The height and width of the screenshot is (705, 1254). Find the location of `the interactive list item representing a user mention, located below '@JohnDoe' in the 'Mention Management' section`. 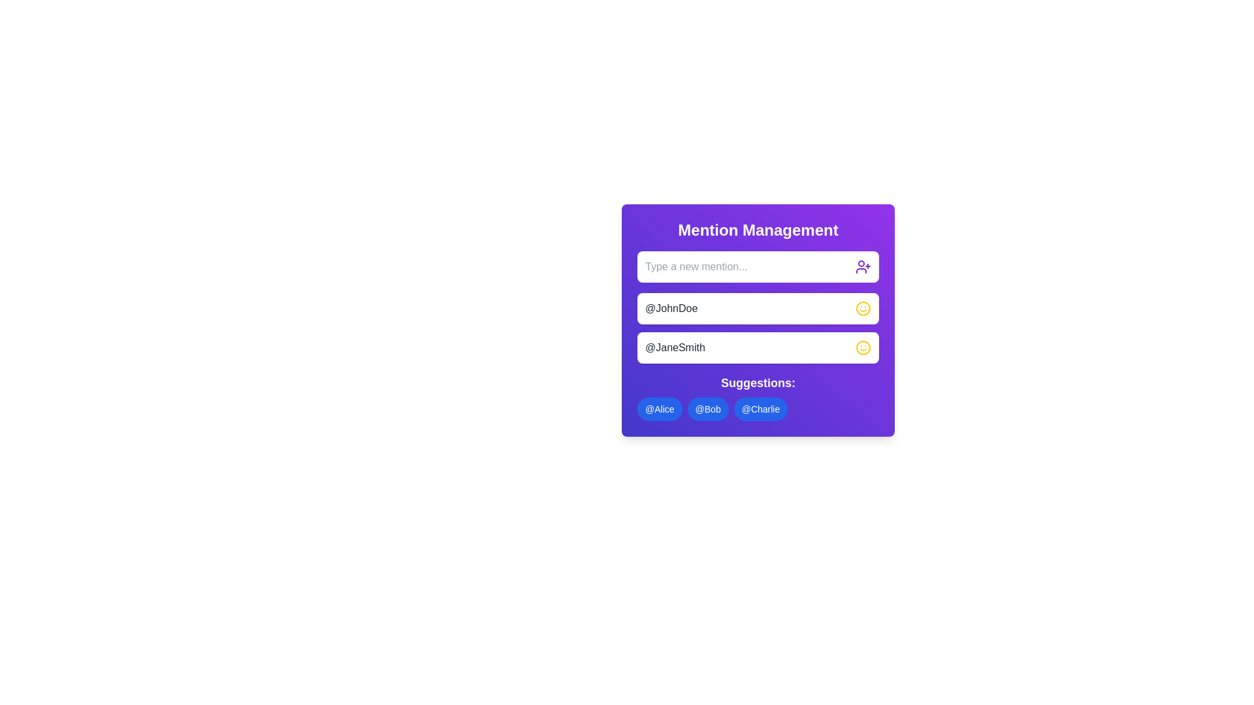

the interactive list item representing a user mention, located below '@JohnDoe' in the 'Mention Management' section is located at coordinates (758, 347).